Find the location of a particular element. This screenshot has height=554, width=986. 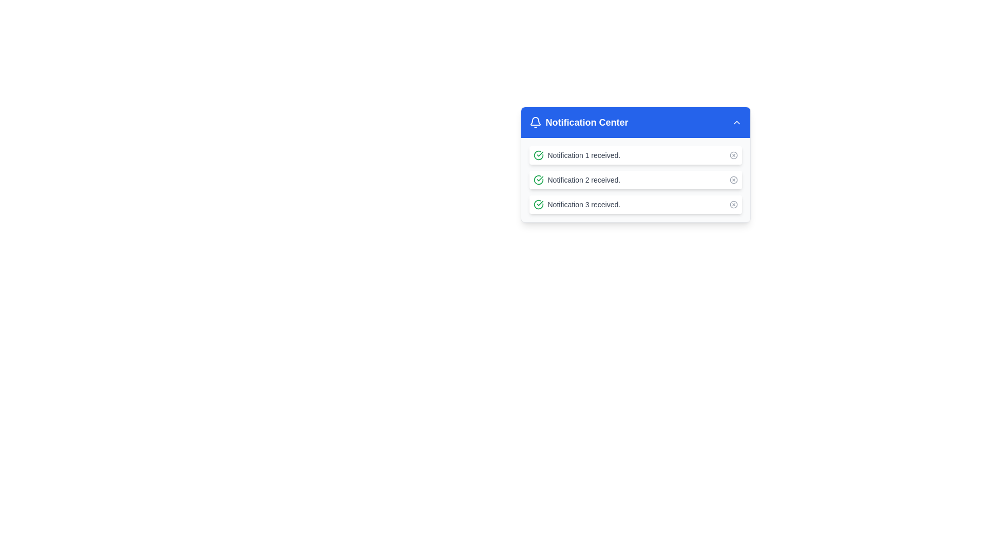

the triangular chevron-shaped button icon in the top-right corner of the Notification Center is located at coordinates (736, 122).